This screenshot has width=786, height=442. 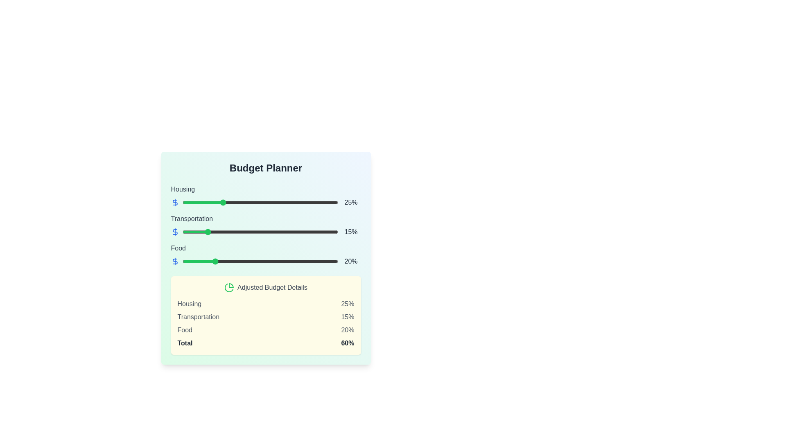 I want to click on transportation budget percentage, so click(x=322, y=232).